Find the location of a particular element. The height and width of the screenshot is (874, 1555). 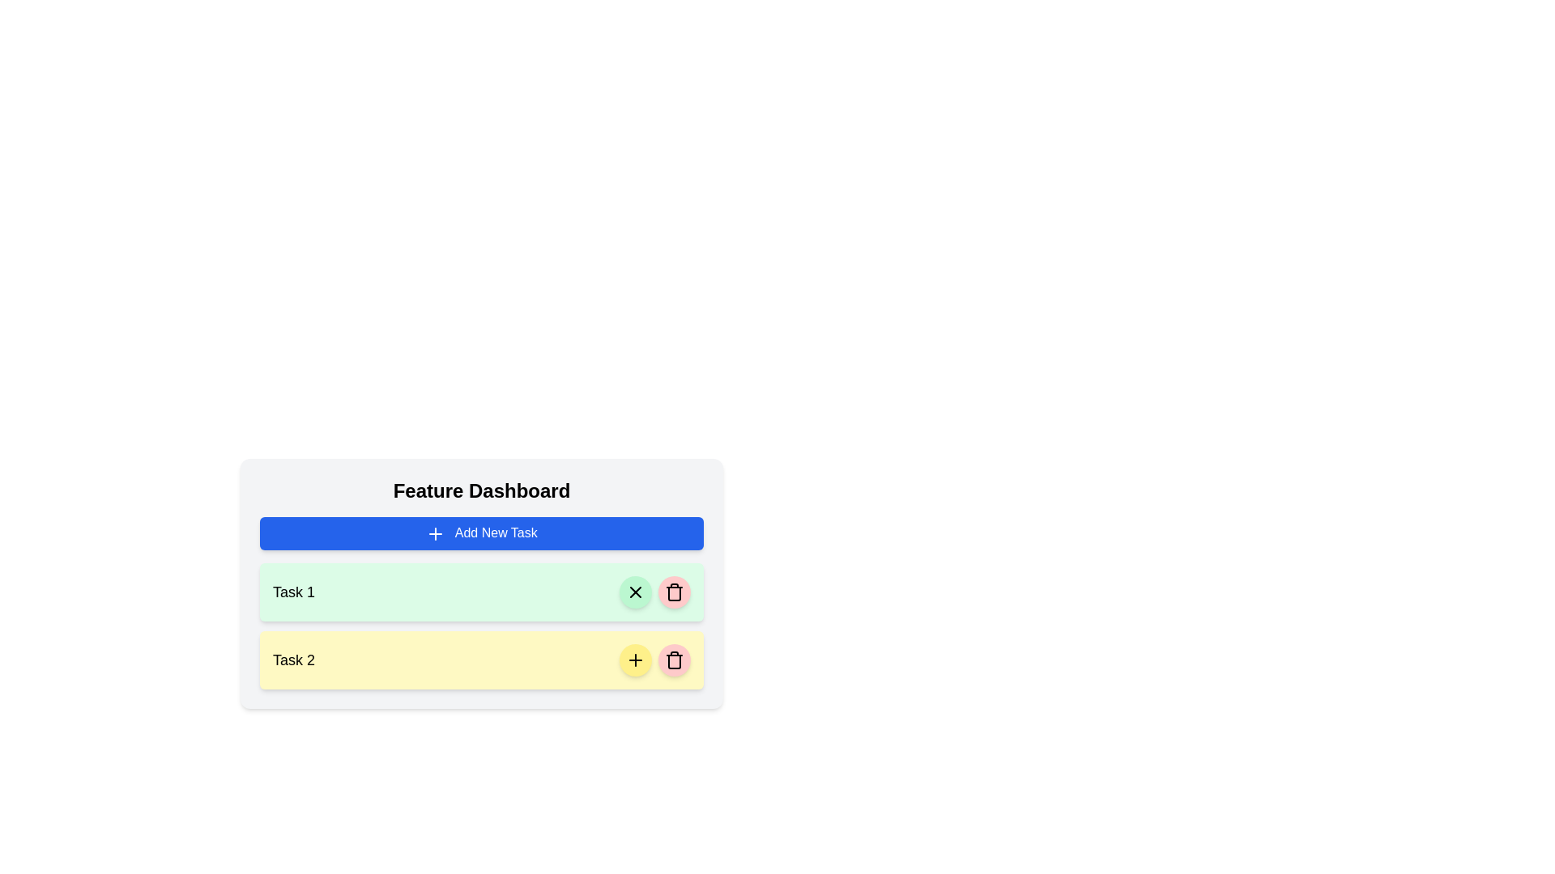

the button located within the 'Feature Dashboard' card is located at coordinates (481, 533).